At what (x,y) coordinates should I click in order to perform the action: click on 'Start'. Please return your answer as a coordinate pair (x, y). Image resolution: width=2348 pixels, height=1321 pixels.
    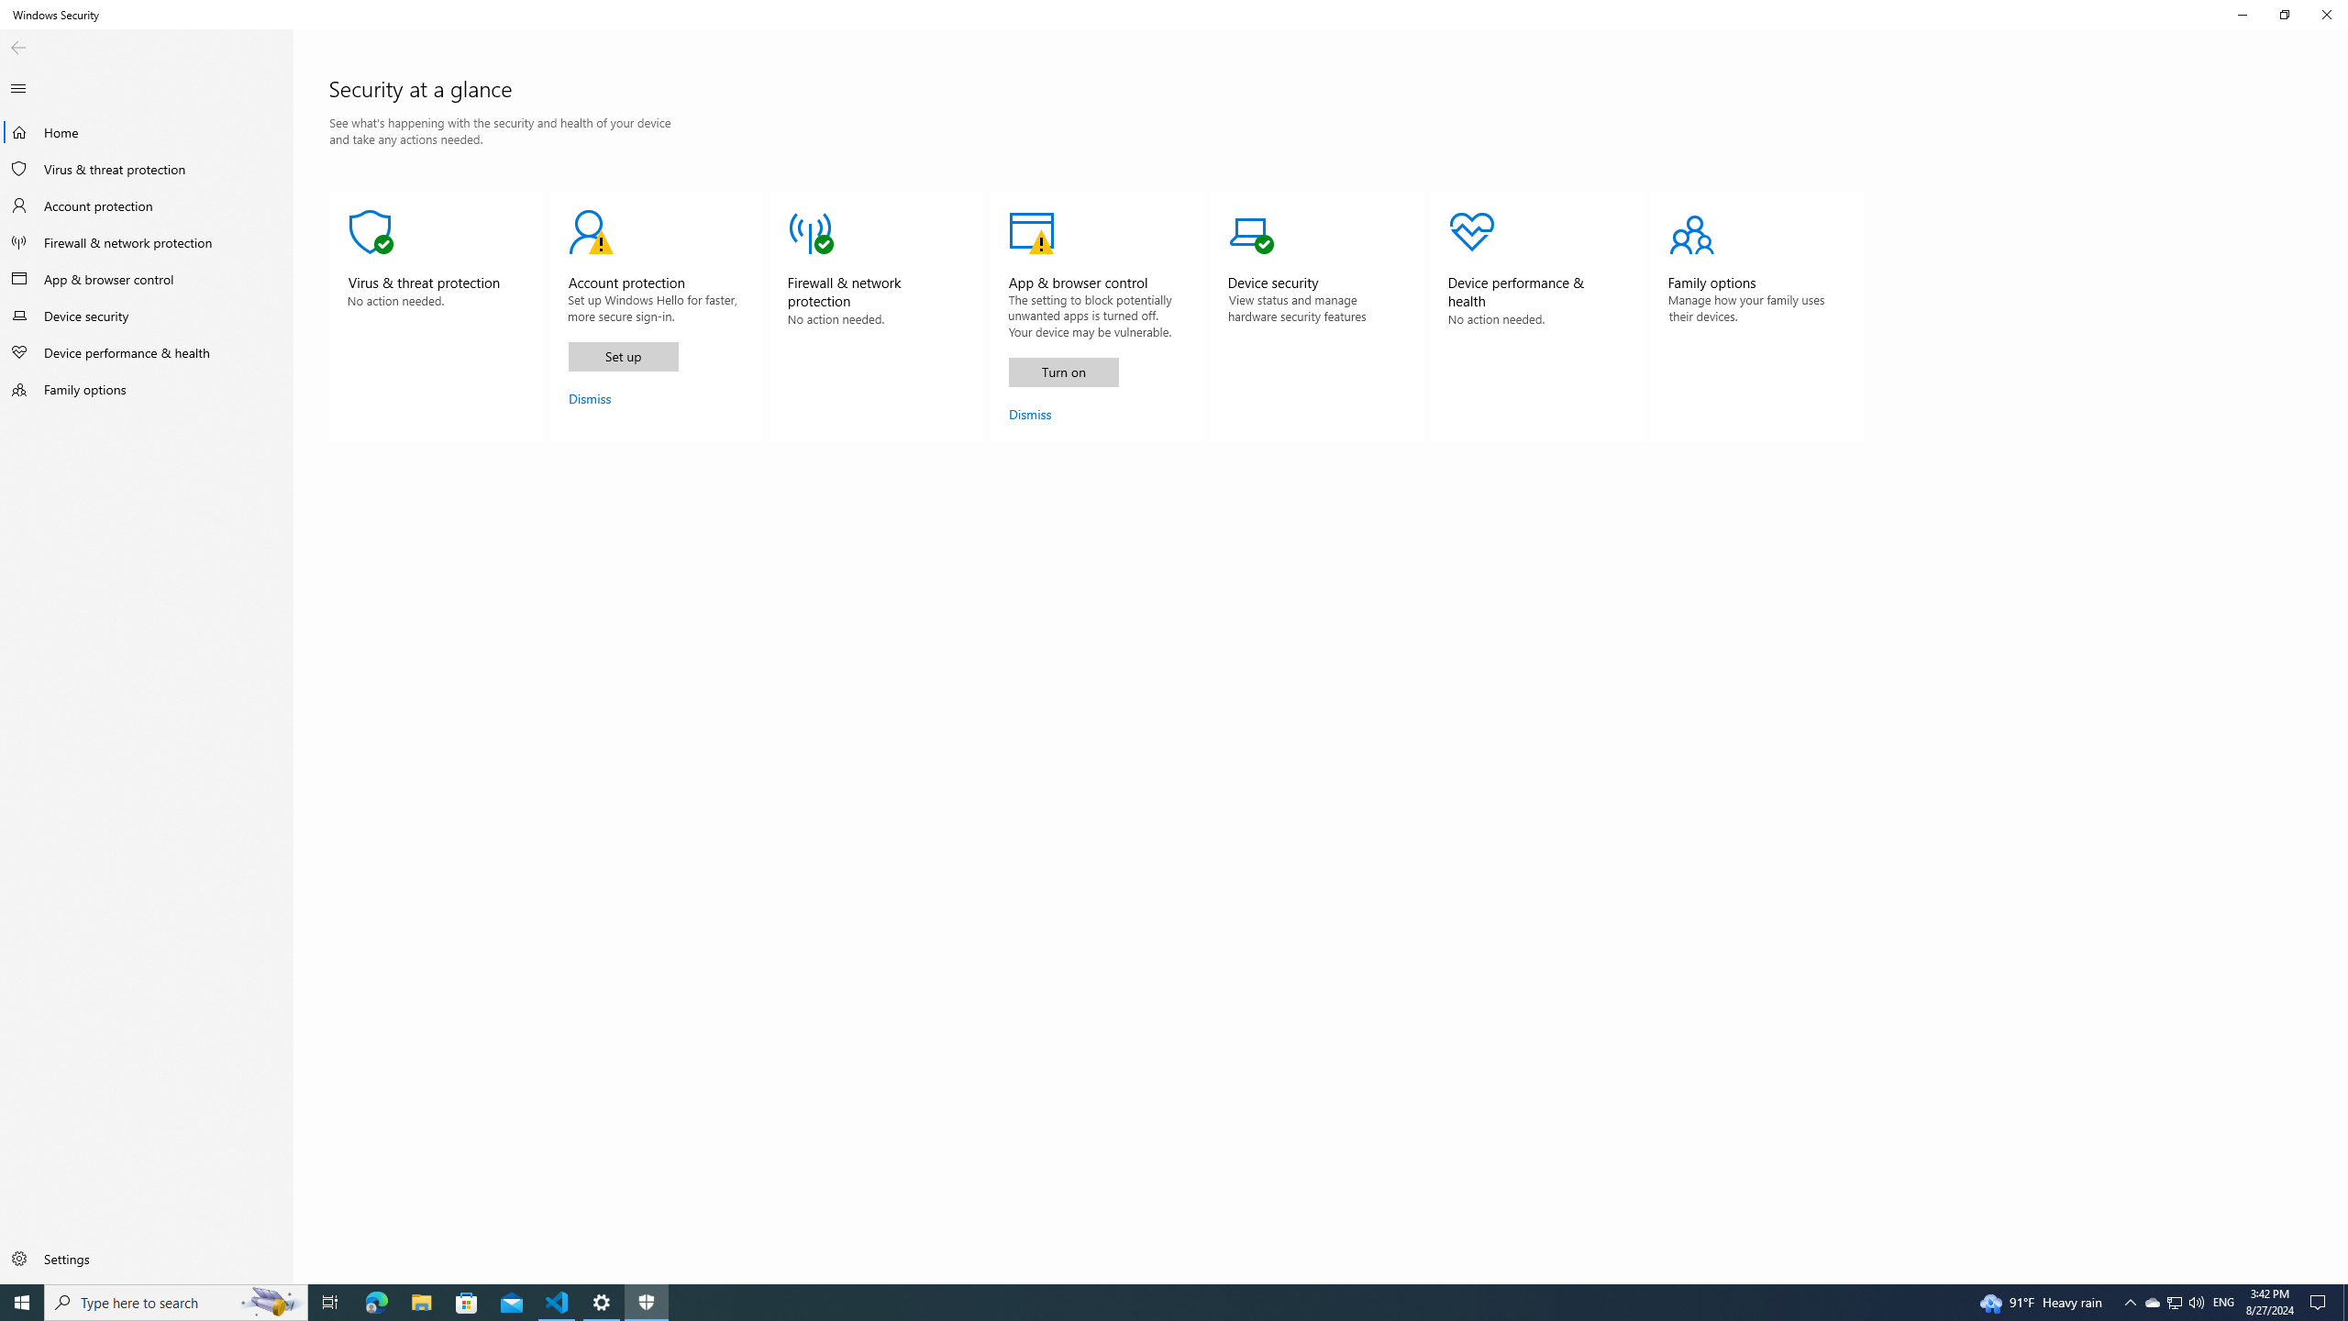
    Looking at the image, I should click on (22, 1301).